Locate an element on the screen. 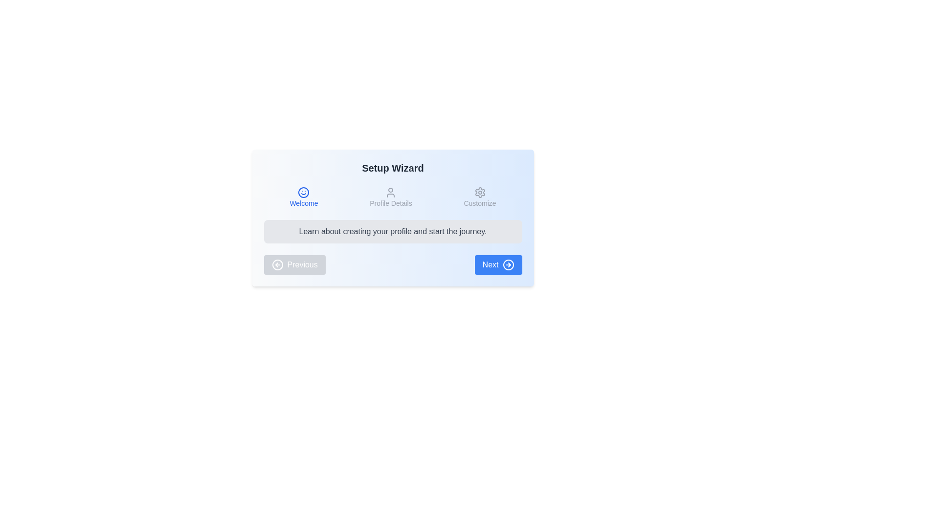  the backward icon located inside the 'Previous' button at the bottom-left of the interface is located at coordinates (277, 265).